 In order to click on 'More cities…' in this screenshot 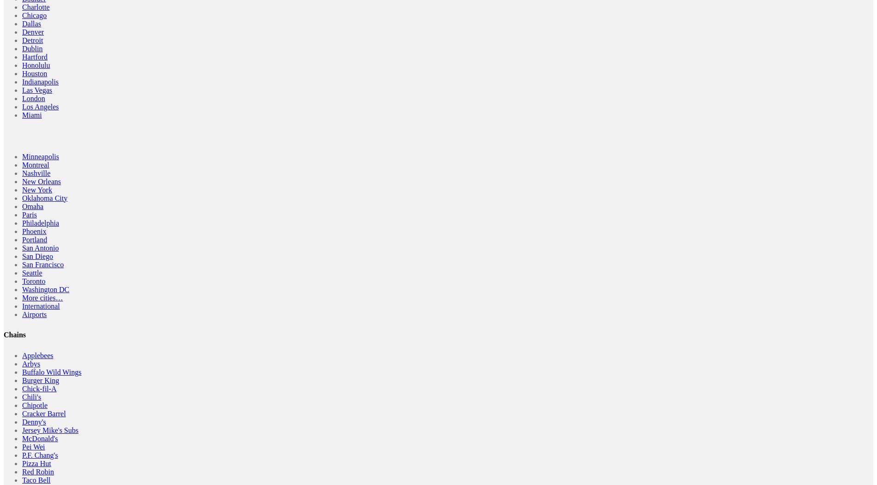, I will do `click(22, 297)`.